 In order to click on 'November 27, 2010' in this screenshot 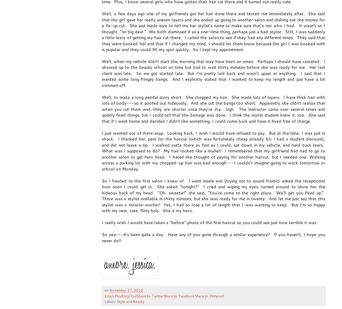, I will do `click(109, 290)`.